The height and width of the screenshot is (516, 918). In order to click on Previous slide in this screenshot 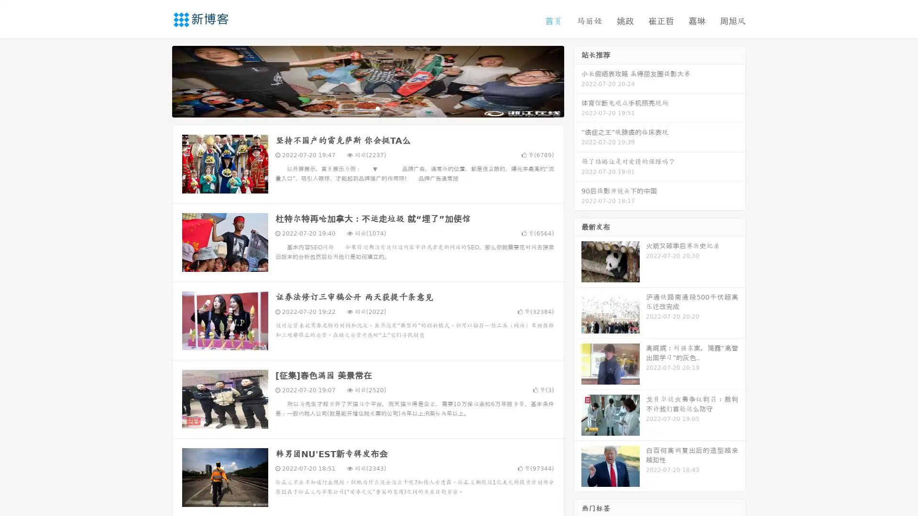, I will do `click(158, 80)`.